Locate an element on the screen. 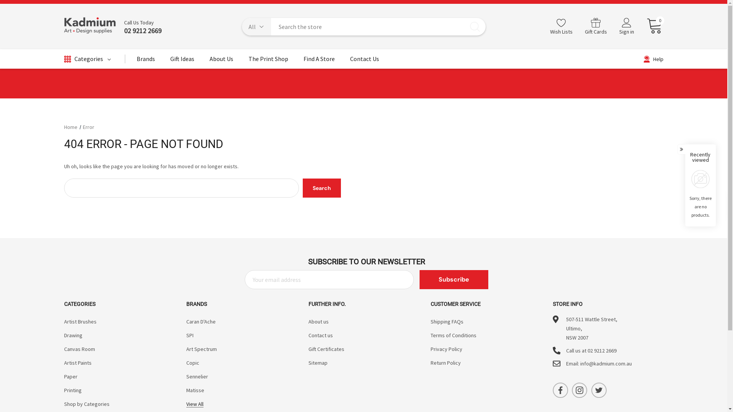  'Find A Store' is located at coordinates (319, 60).